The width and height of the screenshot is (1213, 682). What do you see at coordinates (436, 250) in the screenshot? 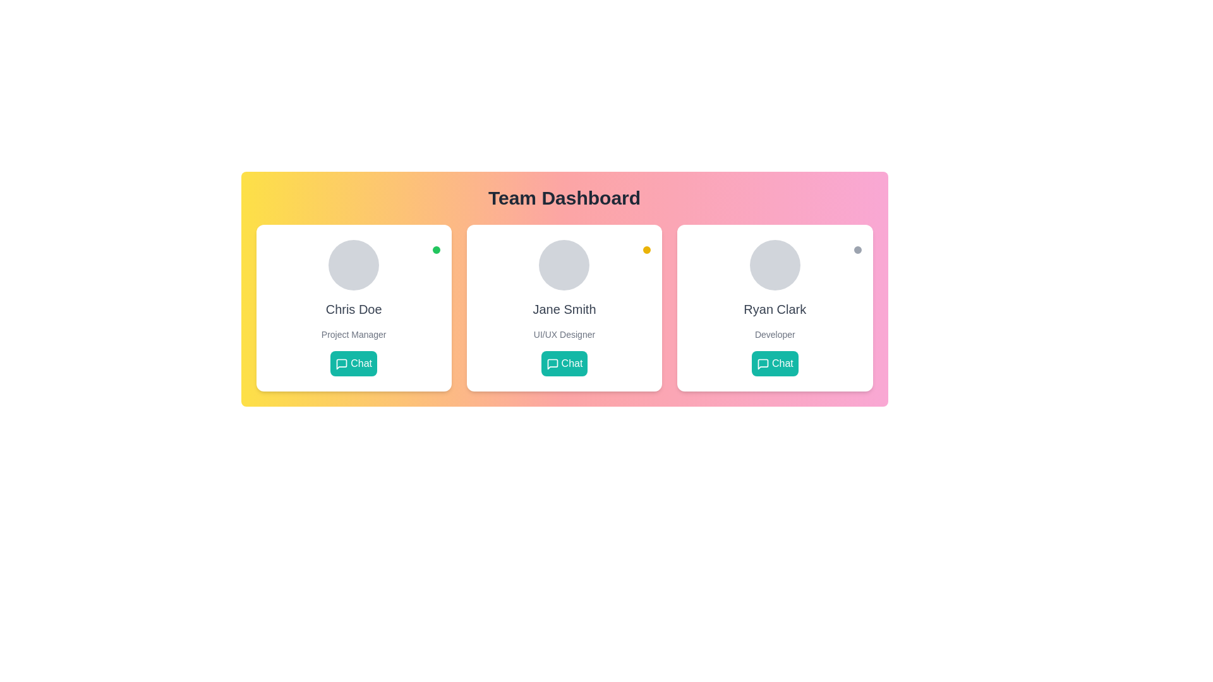
I see `the Status Indicator element, a small circular indicator with a green background and a white border located at the top-right corner of Chris Doe's profile card` at bounding box center [436, 250].